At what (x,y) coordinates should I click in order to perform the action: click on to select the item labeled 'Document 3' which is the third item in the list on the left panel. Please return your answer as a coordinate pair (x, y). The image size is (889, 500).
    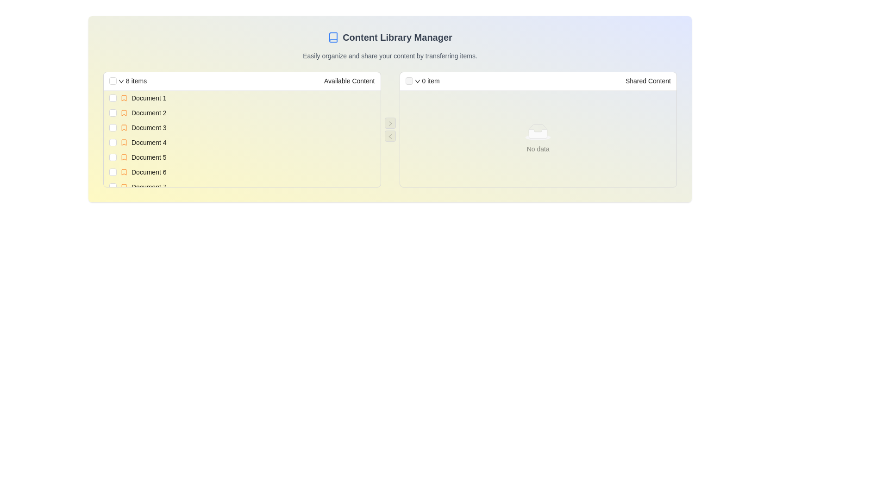
    Looking at the image, I should click on (149, 128).